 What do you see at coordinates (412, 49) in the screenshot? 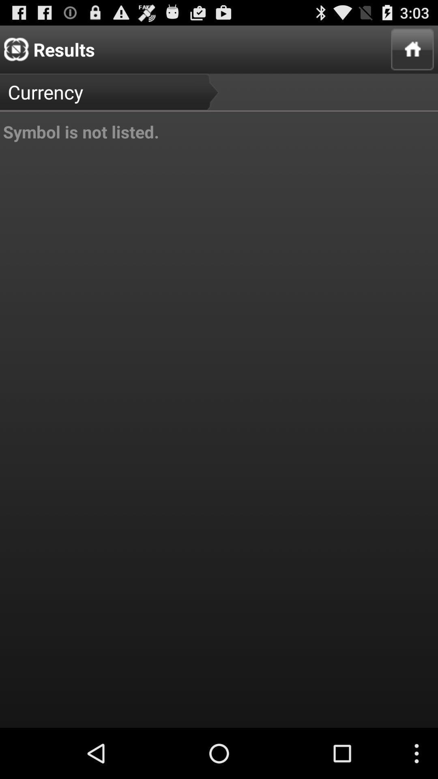
I see `app to the right of currency icon` at bounding box center [412, 49].